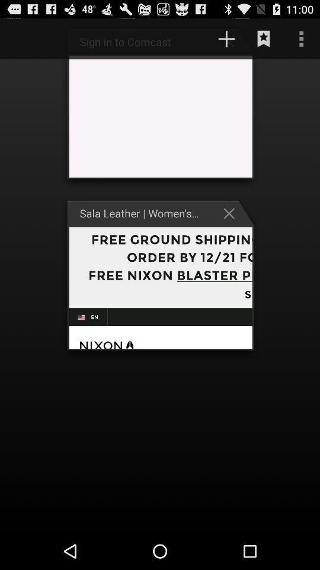 The width and height of the screenshot is (320, 570). I want to click on the close icon, so click(232, 227).